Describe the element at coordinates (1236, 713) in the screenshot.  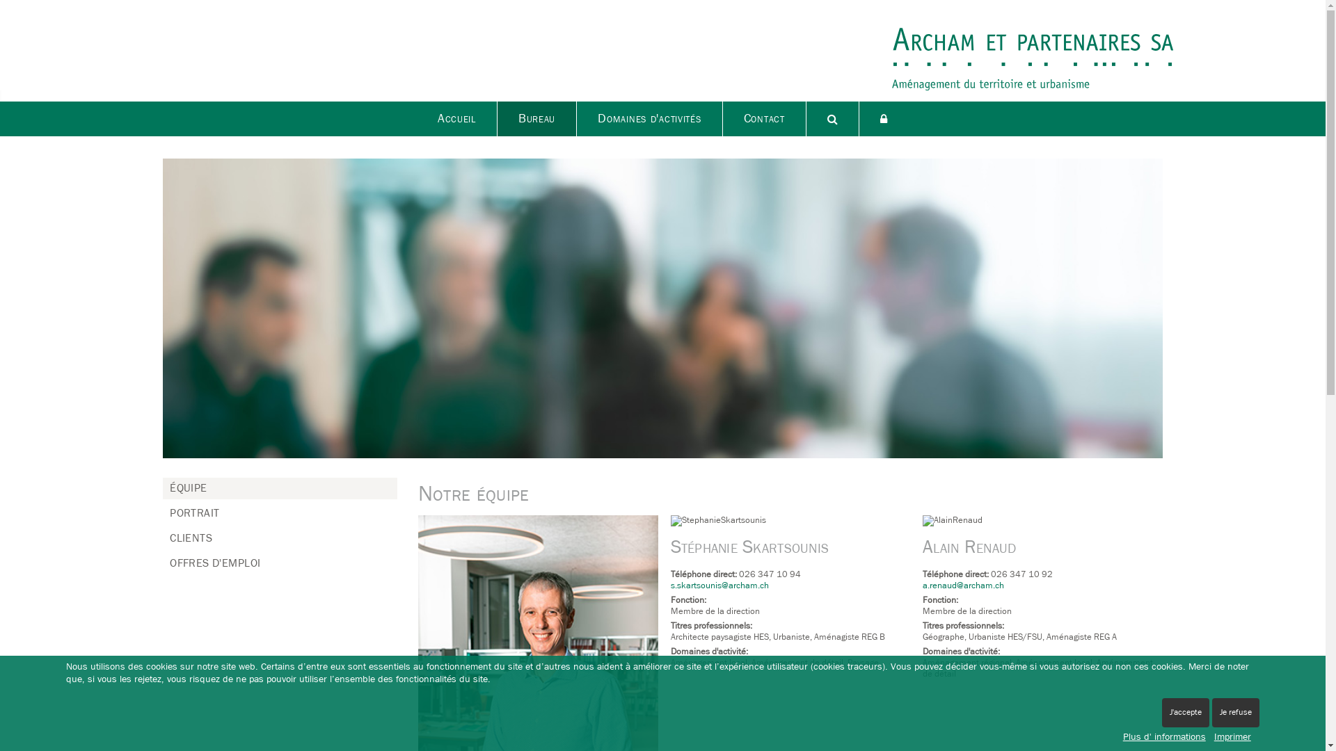
I see `'Je refuse'` at that location.